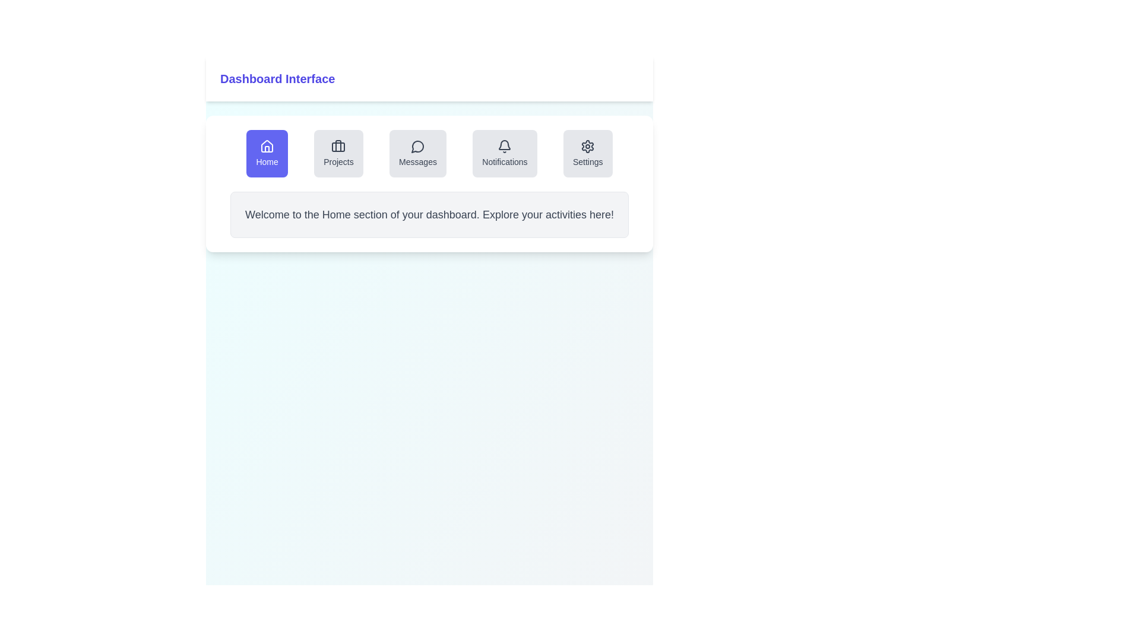  What do you see at coordinates (417, 146) in the screenshot?
I see `the 'Messages' icon in the navigation bar` at bounding box center [417, 146].